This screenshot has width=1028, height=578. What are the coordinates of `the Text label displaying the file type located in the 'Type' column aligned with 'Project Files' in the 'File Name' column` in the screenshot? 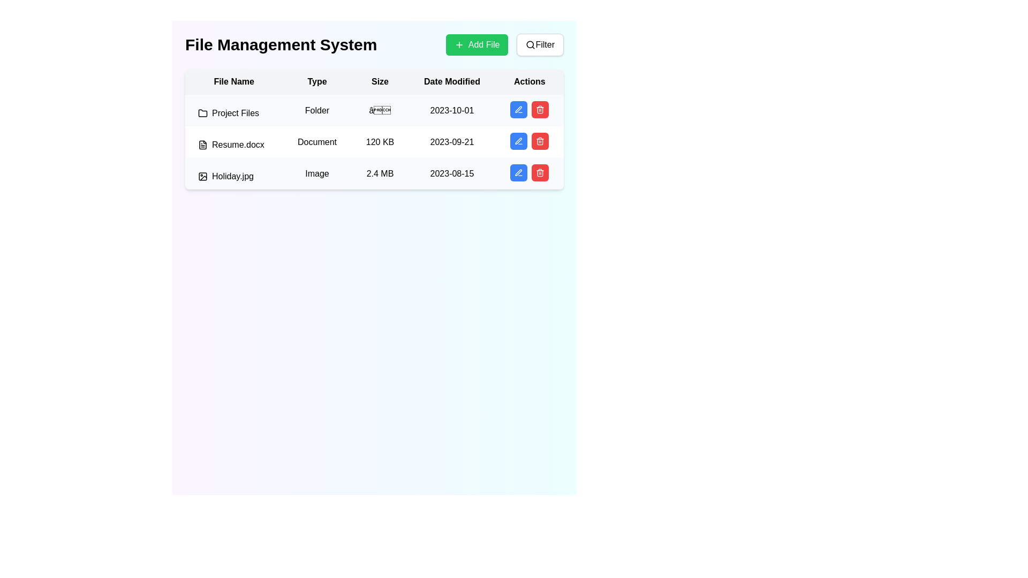 It's located at (316, 110).